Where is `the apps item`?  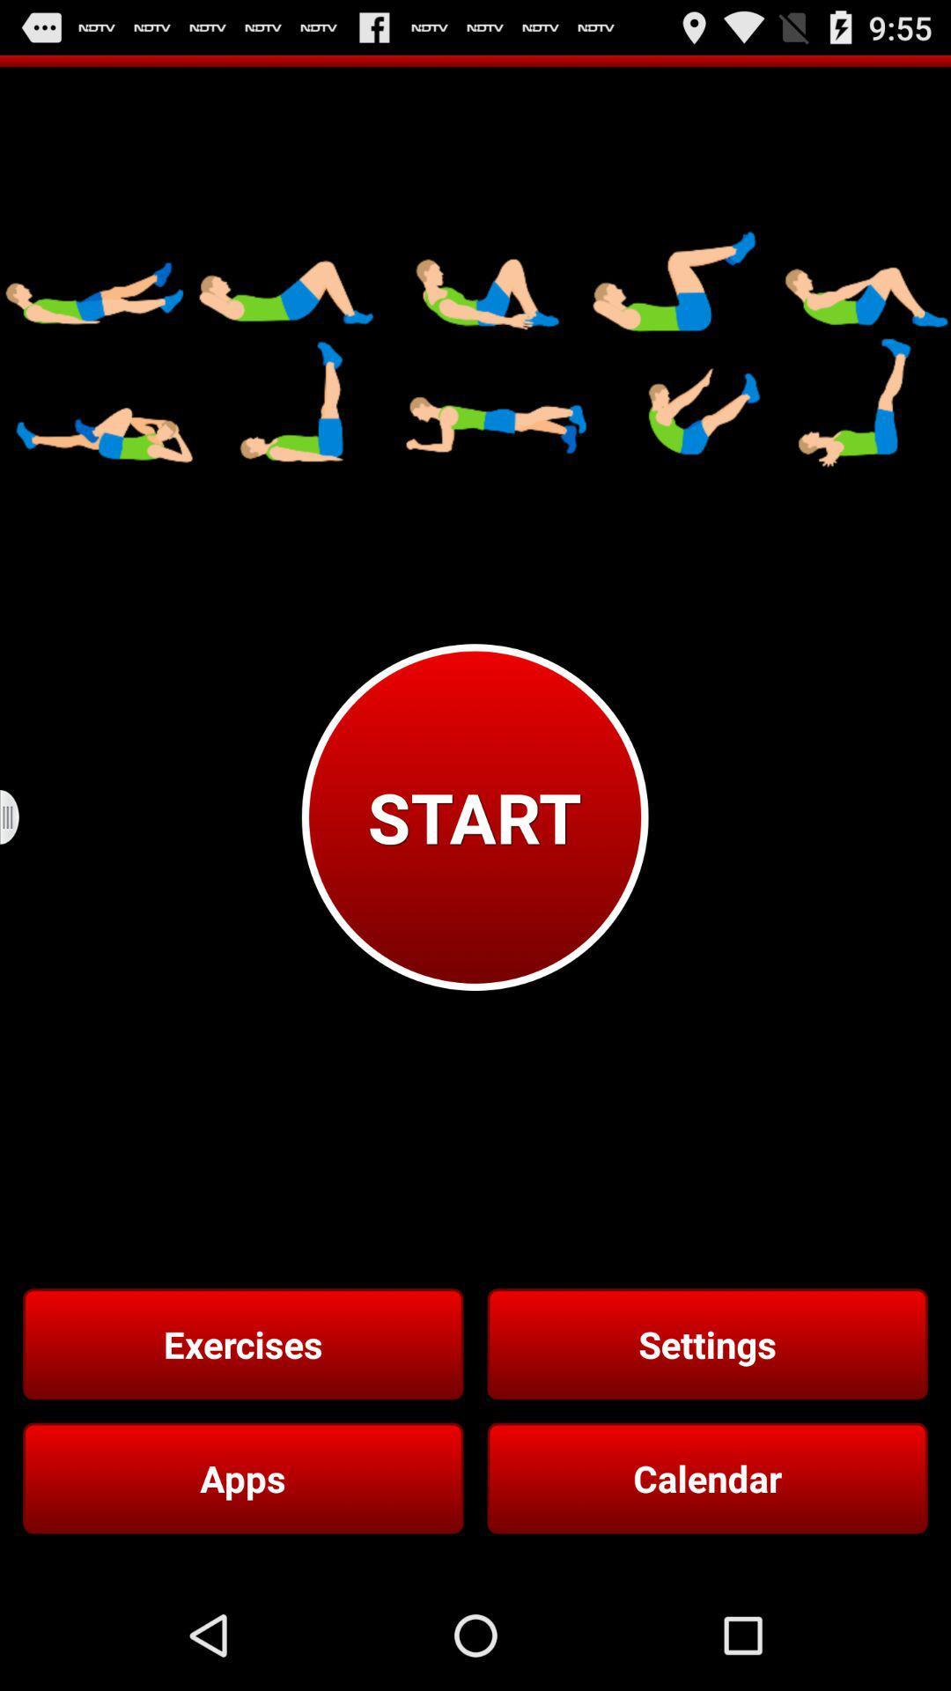 the apps item is located at coordinates (243, 1478).